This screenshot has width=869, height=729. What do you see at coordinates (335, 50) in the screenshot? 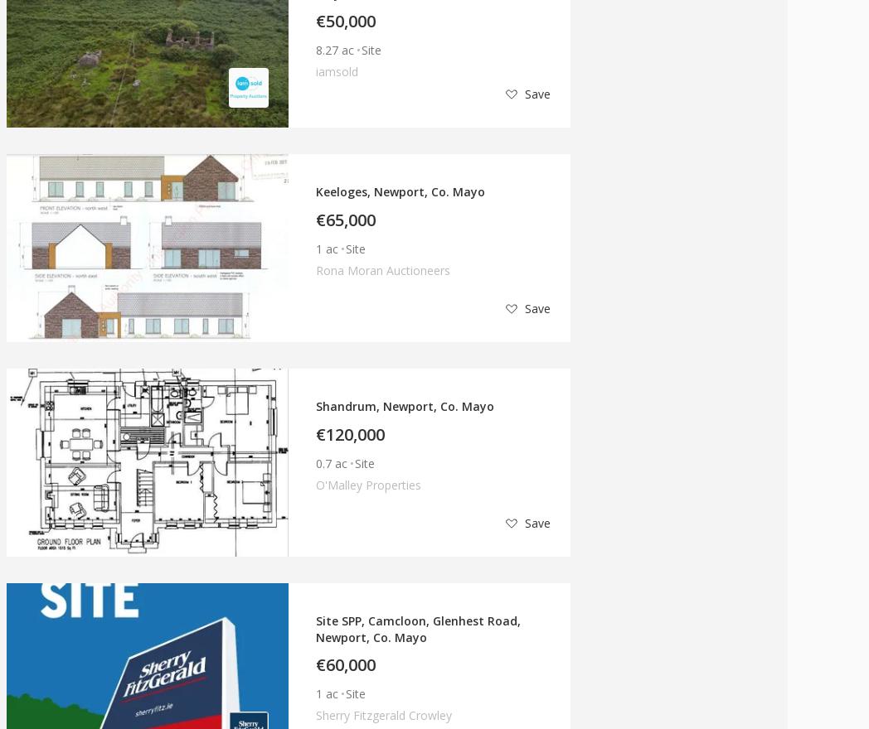
I see `'8.27 ac'` at bounding box center [335, 50].